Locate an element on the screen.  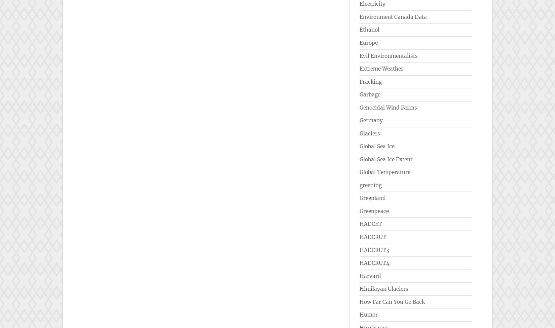
'Garbage' is located at coordinates (370, 94).